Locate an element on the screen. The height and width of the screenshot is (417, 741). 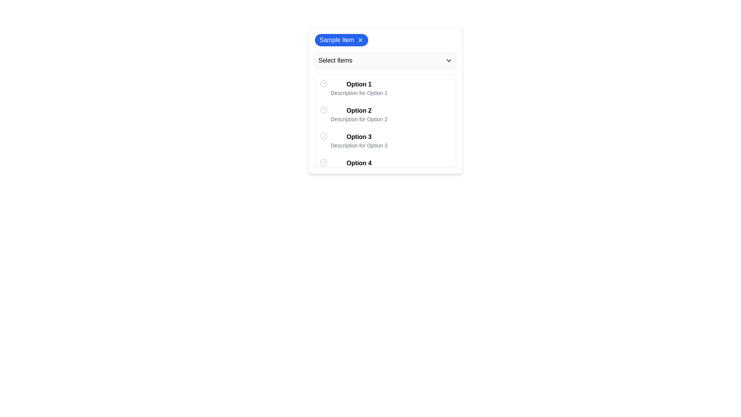
the selectable list item labeled 'Option 2' in the dropdown menu is located at coordinates (385, 115).